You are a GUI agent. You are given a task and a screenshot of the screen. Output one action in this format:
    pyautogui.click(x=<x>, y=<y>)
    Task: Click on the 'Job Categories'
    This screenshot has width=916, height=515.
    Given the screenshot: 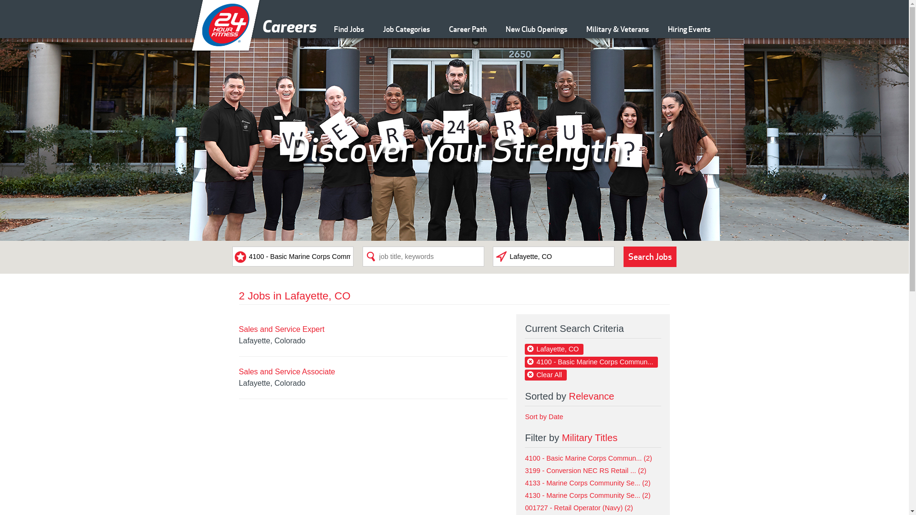 What is the action you would take?
    pyautogui.click(x=406, y=27)
    